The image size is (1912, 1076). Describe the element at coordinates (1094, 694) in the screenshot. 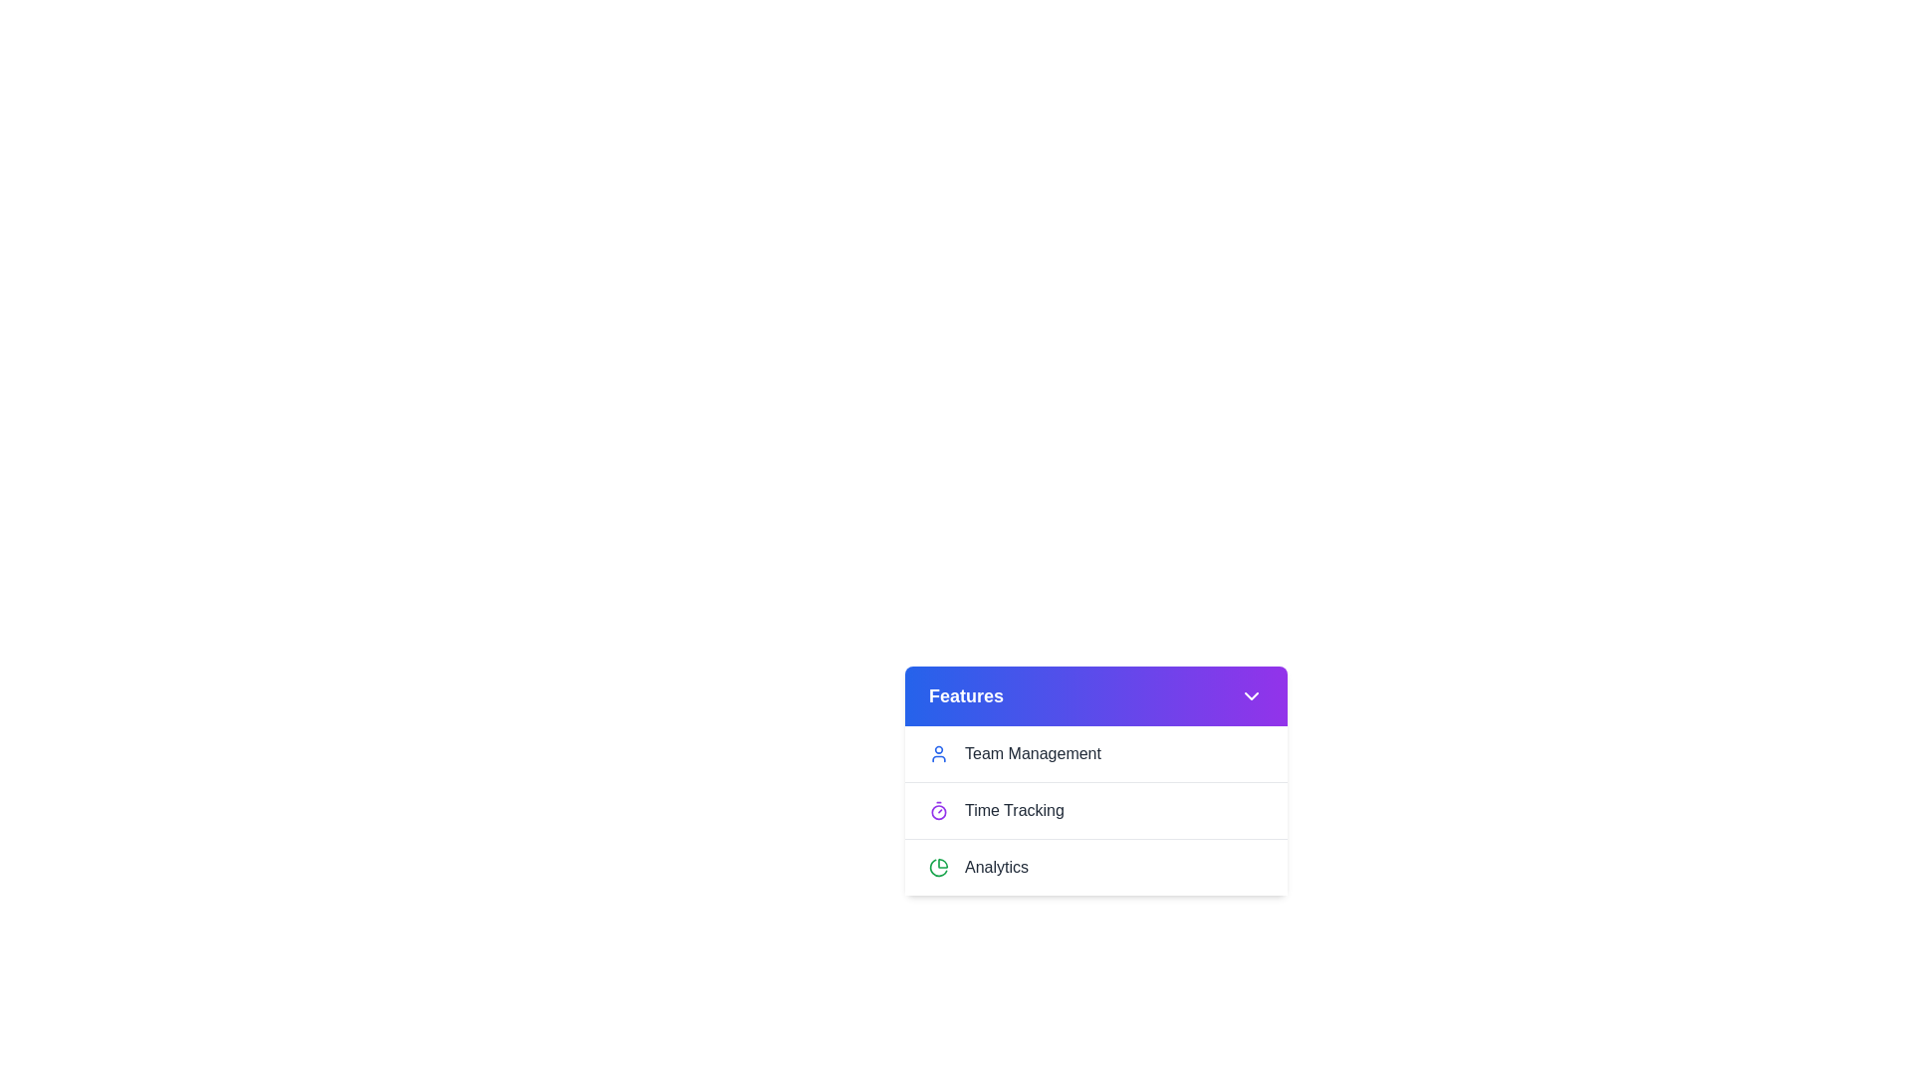

I see `the 'Features' button to toggle the visibility of the menu` at that location.